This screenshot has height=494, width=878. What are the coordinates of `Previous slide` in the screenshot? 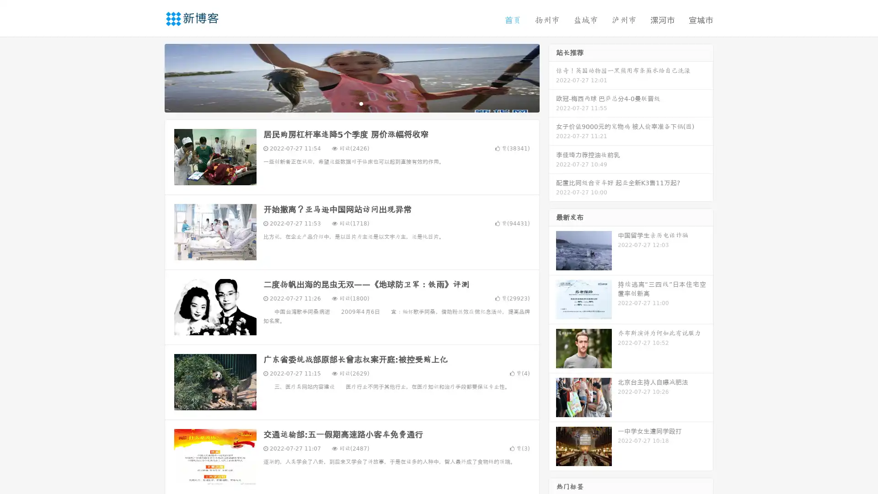 It's located at (151, 77).